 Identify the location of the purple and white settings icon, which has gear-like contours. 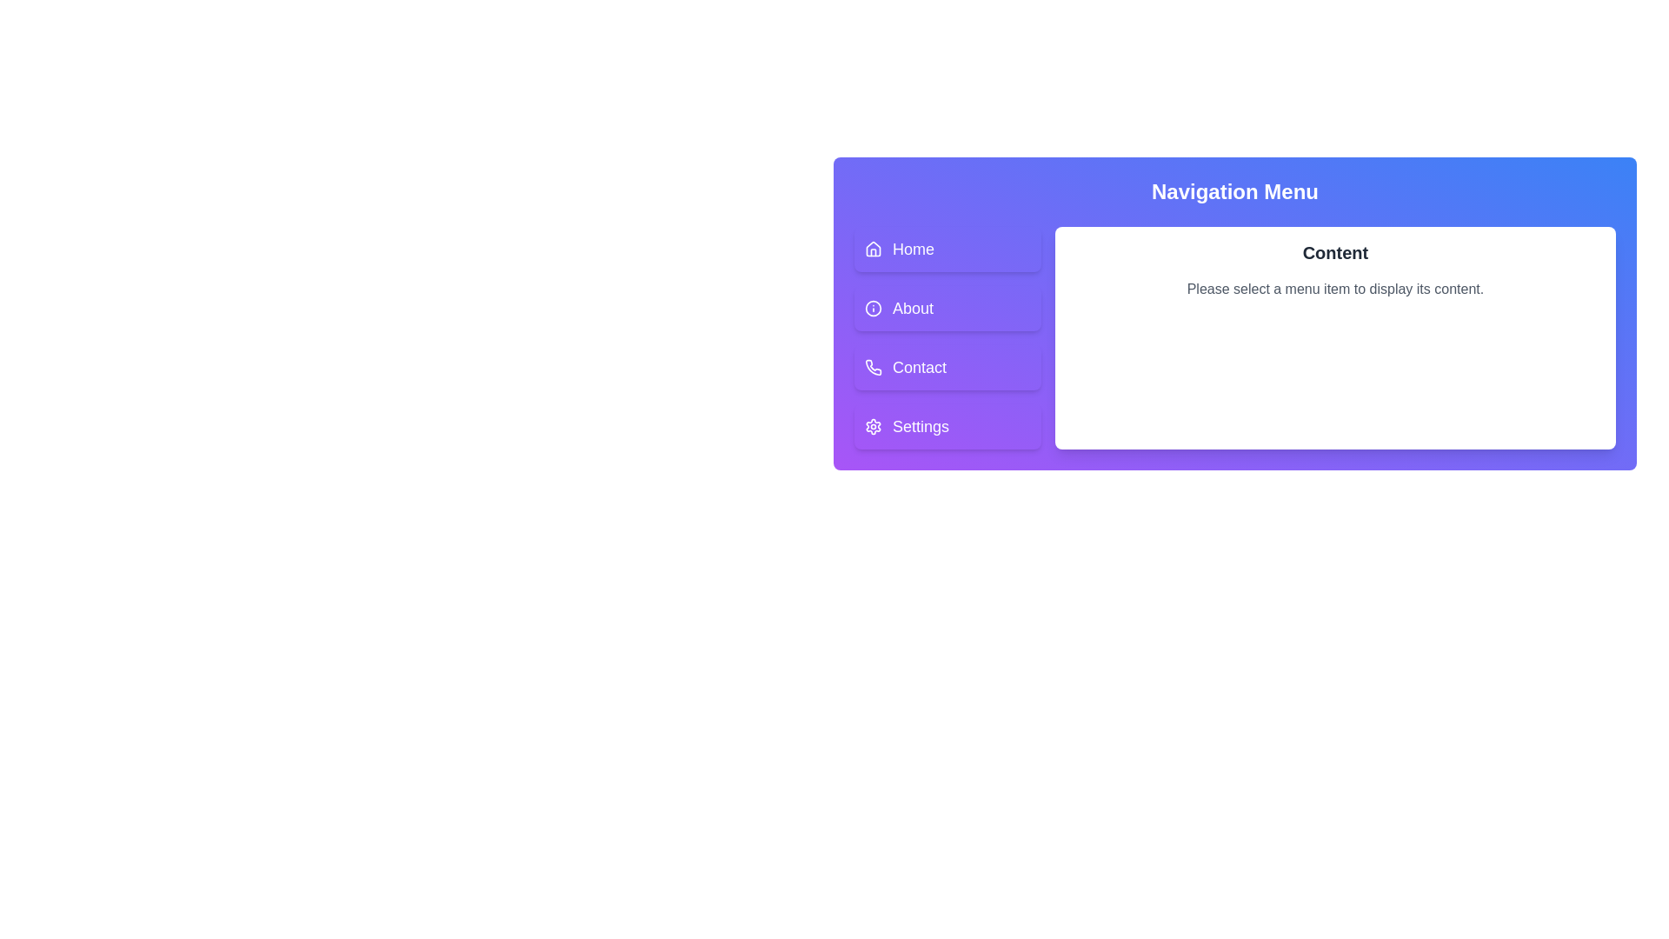
(873, 426).